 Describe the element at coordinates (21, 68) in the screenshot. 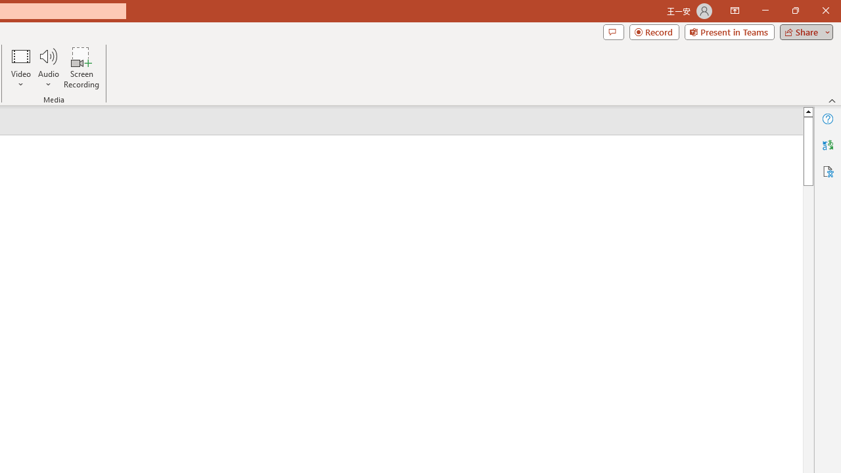

I see `'Video'` at that location.